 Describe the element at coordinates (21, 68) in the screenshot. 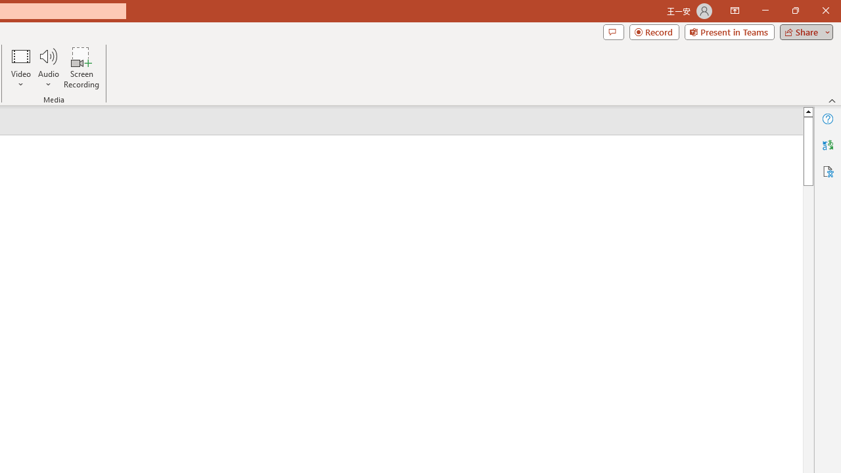

I see `'Video'` at that location.